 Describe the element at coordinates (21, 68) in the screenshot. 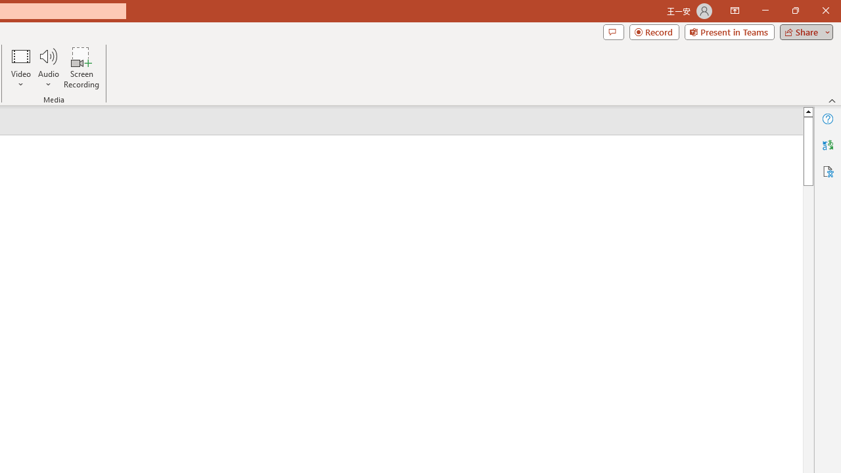

I see `'Video'` at that location.